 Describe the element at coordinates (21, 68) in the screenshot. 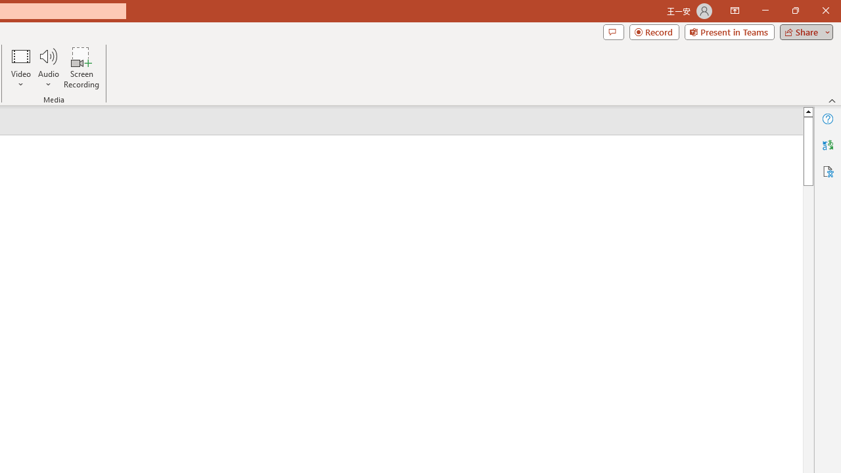

I see `'Video'` at that location.